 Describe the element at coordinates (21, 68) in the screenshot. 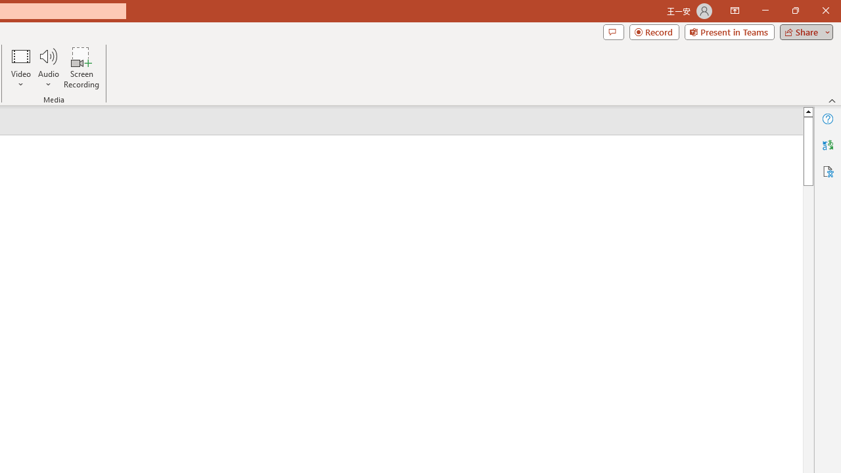

I see `'Video'` at that location.